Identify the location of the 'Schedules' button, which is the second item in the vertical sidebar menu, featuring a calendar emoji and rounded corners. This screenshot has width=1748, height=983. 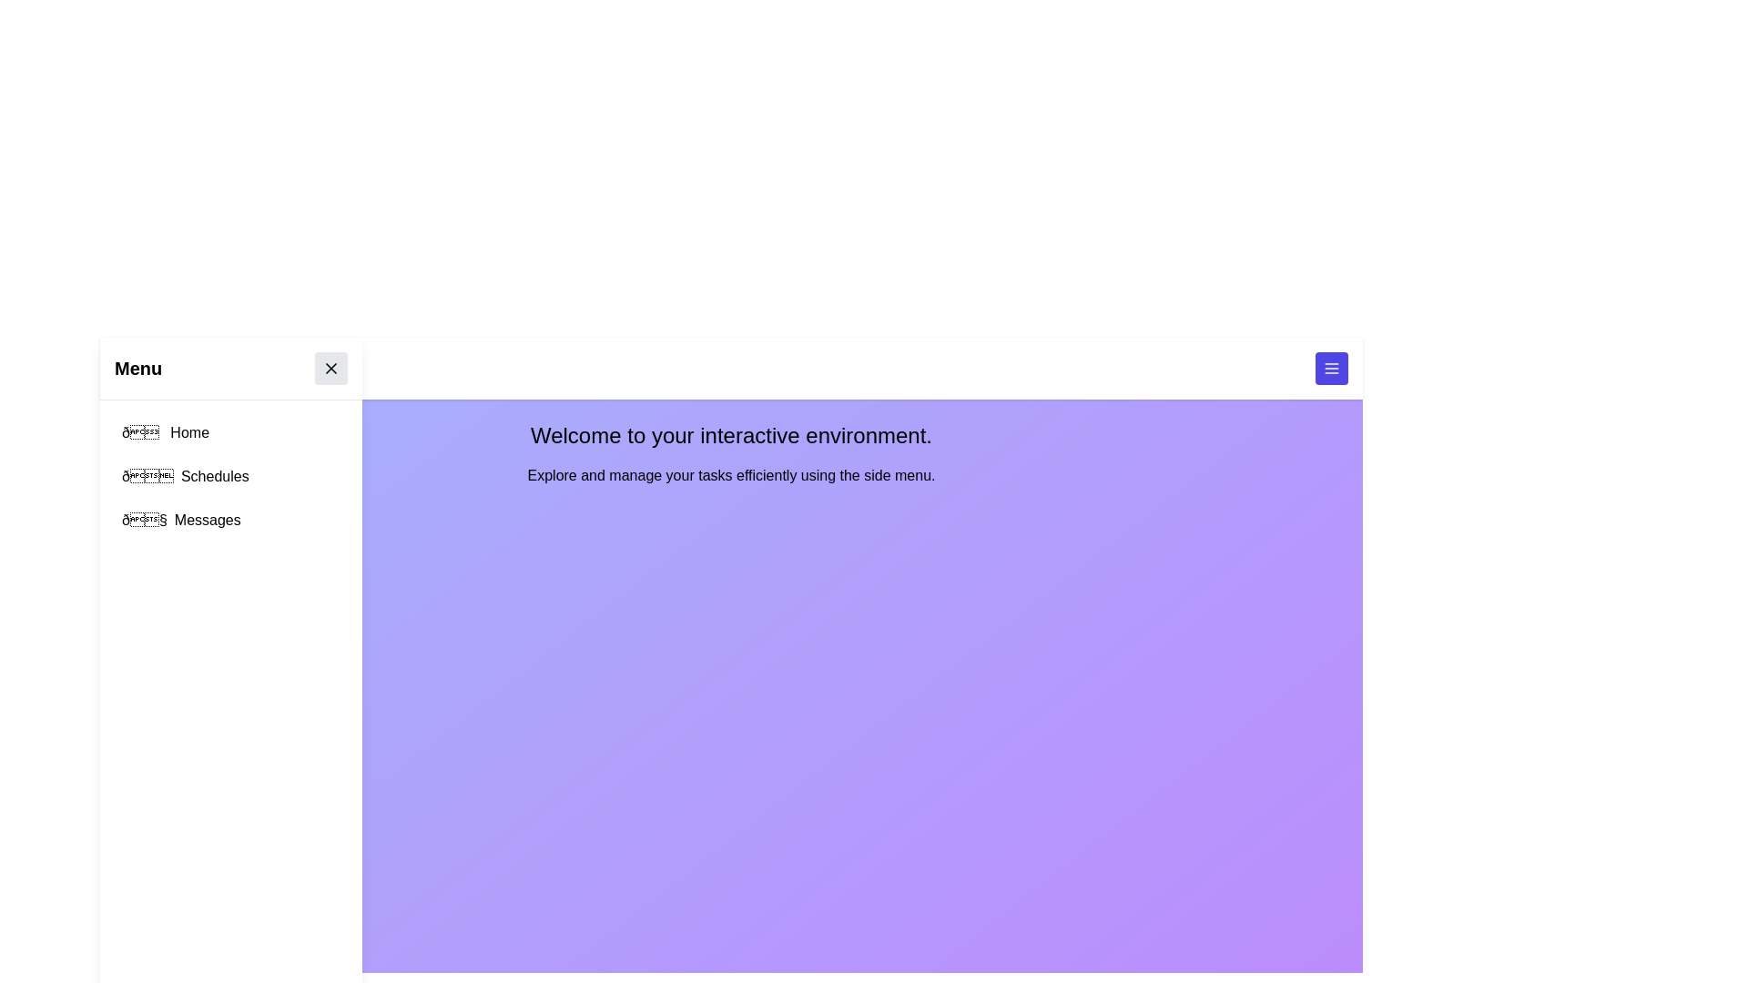
(230, 476).